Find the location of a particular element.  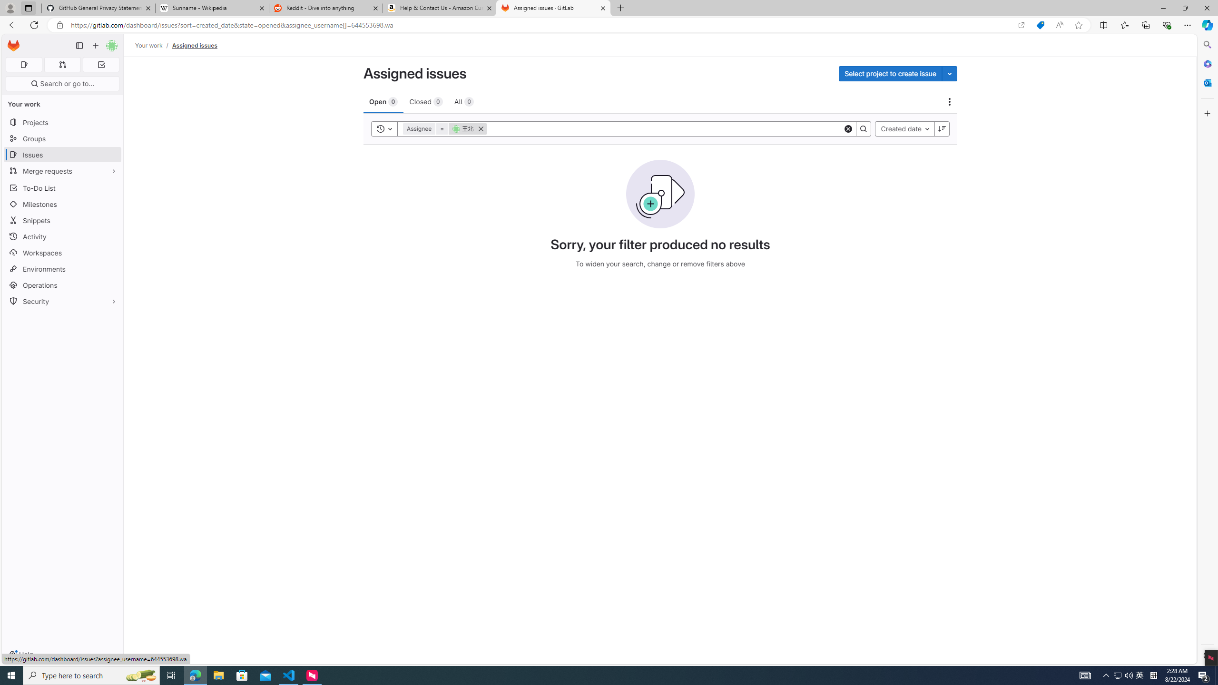

'Open in app' is located at coordinates (1021, 25).